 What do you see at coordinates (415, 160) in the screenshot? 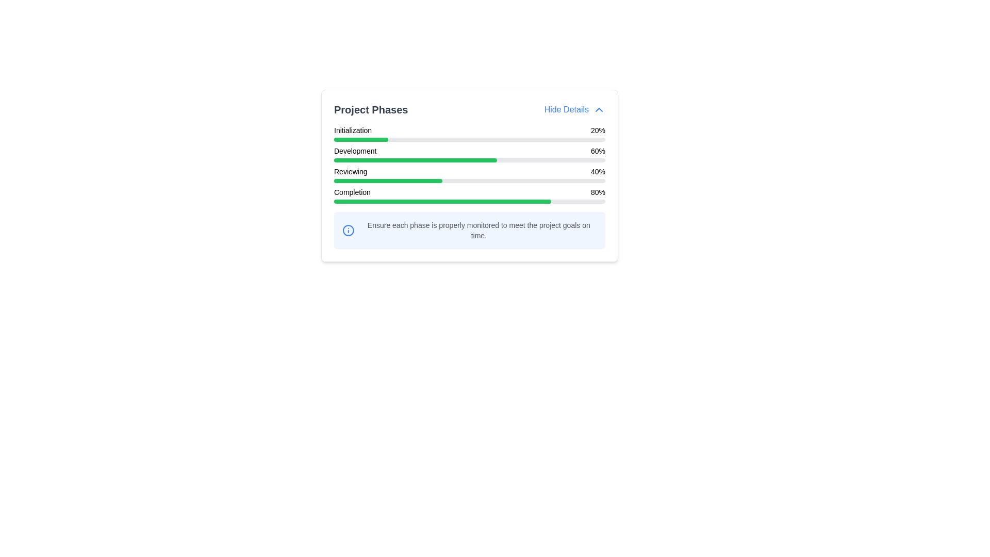
I see `the green horizontal progress bar segment within the 'Development' progress bar in the 'Project Phases' section` at bounding box center [415, 160].